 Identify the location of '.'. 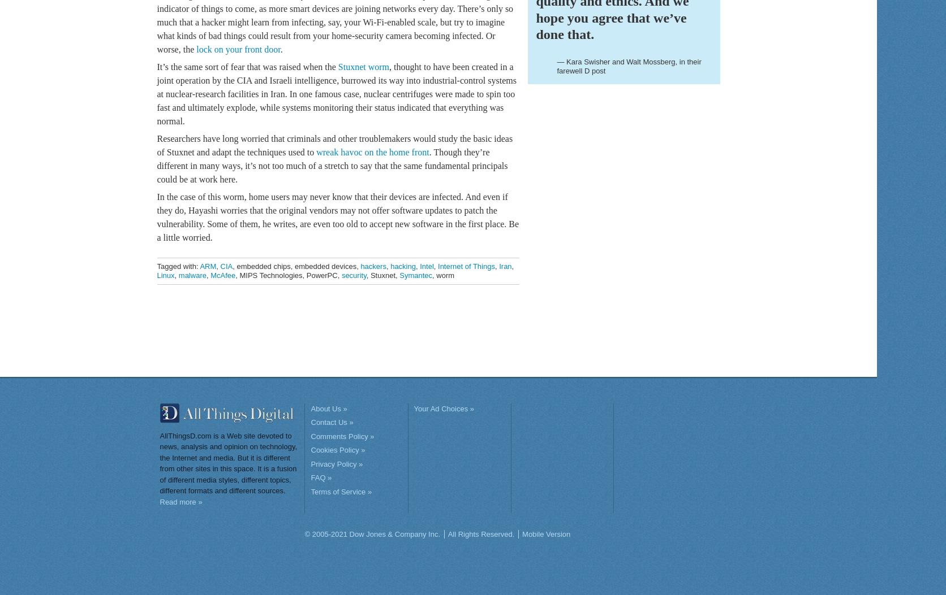
(281, 48).